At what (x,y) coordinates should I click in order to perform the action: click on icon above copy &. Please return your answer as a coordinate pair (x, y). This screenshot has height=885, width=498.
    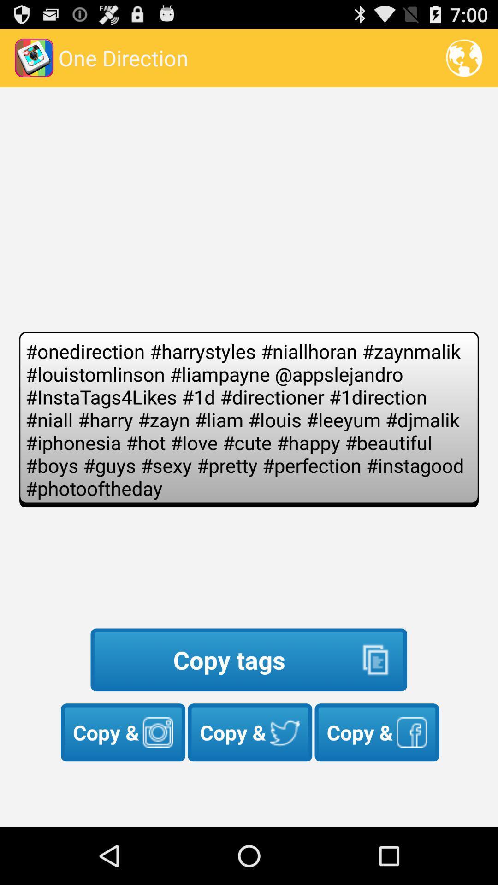
    Looking at the image, I should click on (248, 659).